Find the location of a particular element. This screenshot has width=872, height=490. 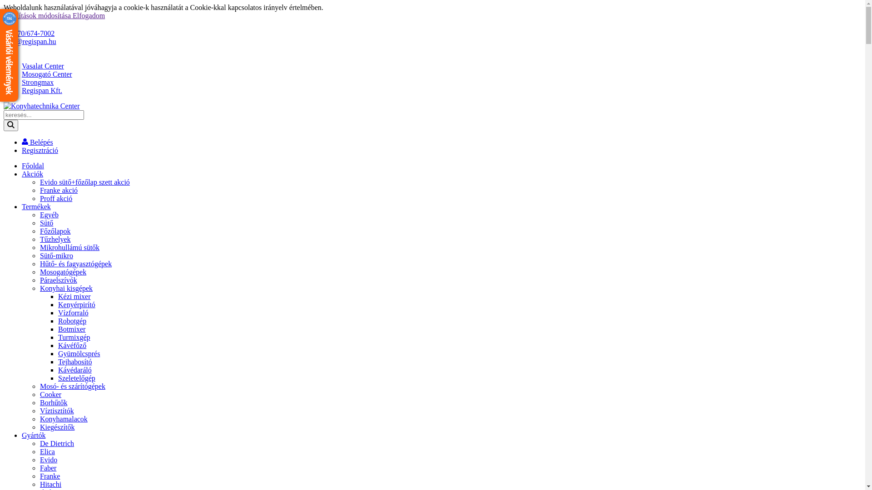

'Franke' is located at coordinates (50, 475).